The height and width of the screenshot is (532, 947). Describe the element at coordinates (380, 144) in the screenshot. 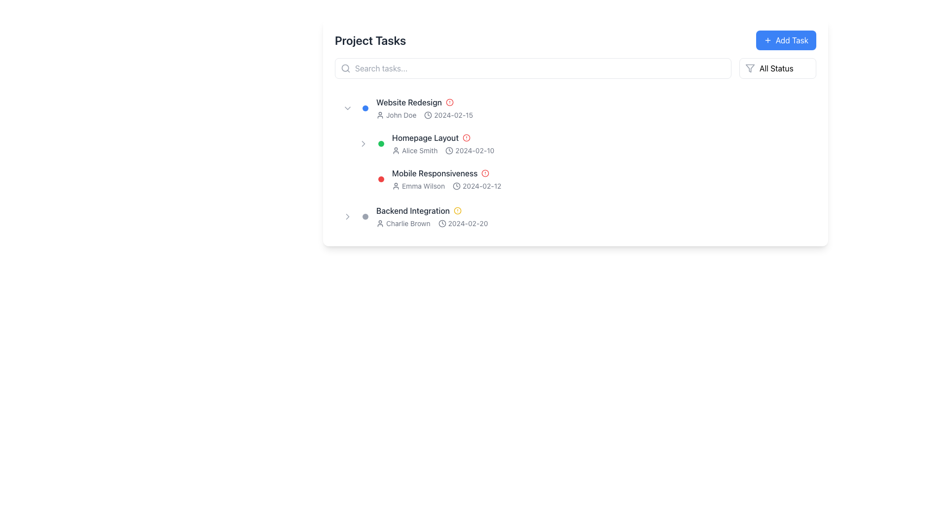

I see `the status indicator for the 'Homepage Layout' task, which visually communicates the current state of the task and is positioned directly to the left of the task title` at that location.